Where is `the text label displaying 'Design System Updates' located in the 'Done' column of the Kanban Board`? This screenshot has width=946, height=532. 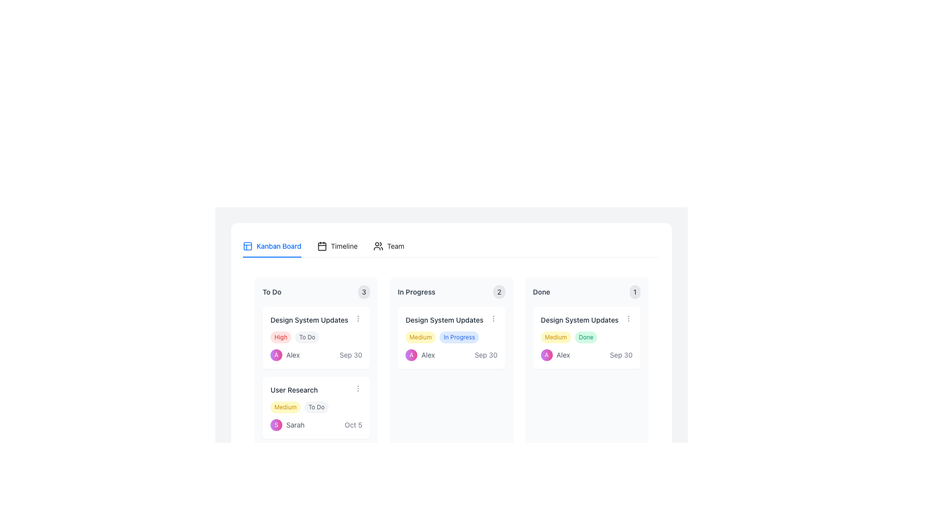
the text label displaying 'Design System Updates' located in the 'Done' column of the Kanban Board is located at coordinates (579, 320).